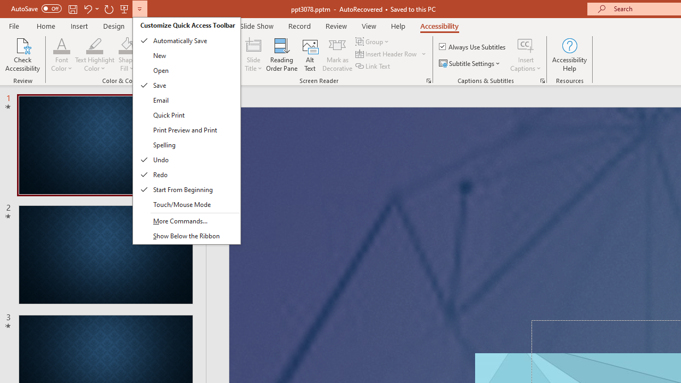 The width and height of the screenshot is (681, 383). I want to click on 'Link Text', so click(373, 66).